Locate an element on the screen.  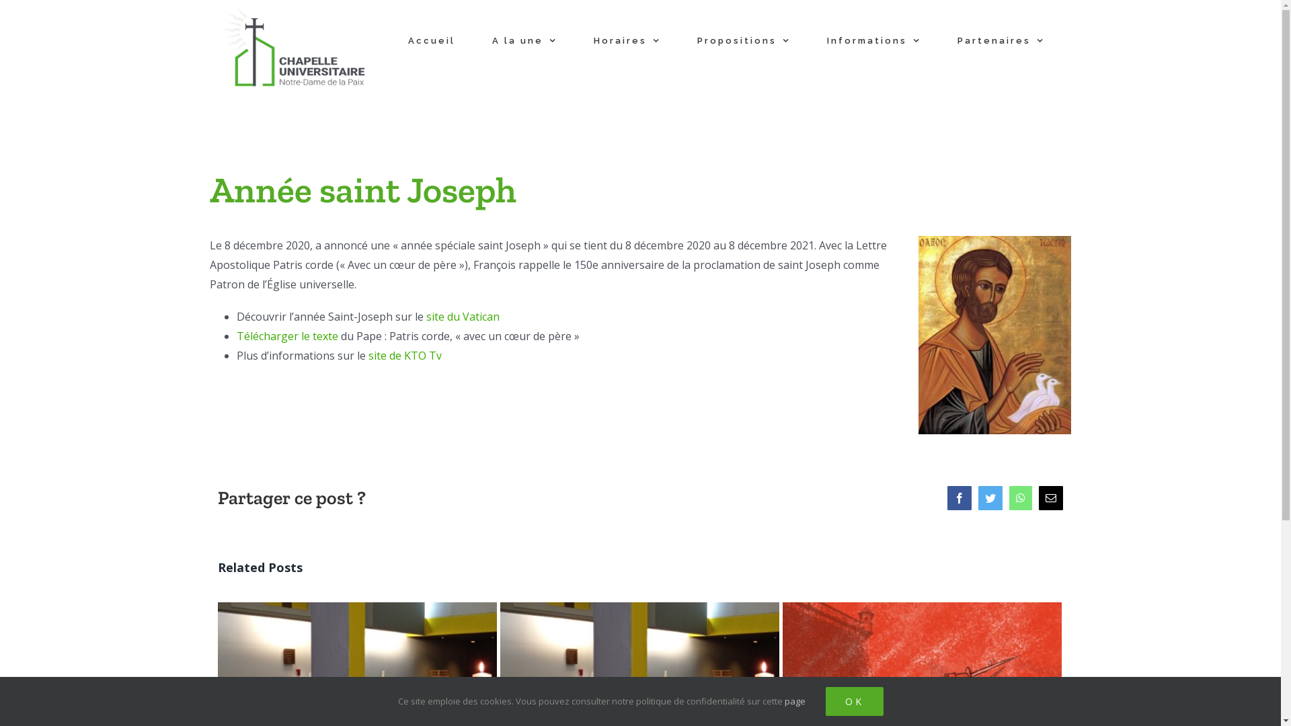
'Partenaires' is located at coordinates (1000, 40).